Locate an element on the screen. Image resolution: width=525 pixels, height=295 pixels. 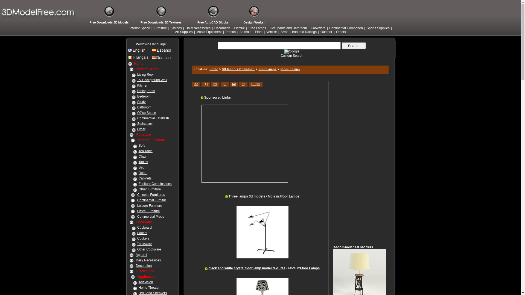
'Vehicle' is located at coordinates (272, 32).